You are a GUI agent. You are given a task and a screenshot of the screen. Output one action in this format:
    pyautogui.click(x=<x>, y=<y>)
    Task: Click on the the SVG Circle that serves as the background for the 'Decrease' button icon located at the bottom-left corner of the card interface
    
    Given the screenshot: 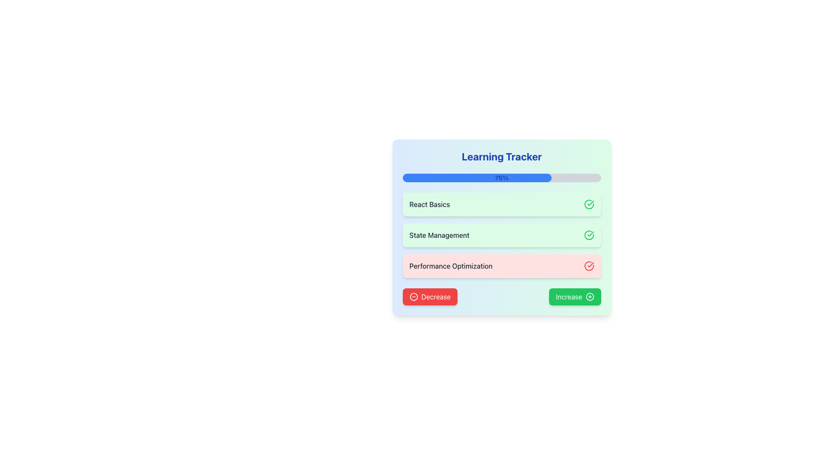 What is the action you would take?
    pyautogui.click(x=413, y=296)
    